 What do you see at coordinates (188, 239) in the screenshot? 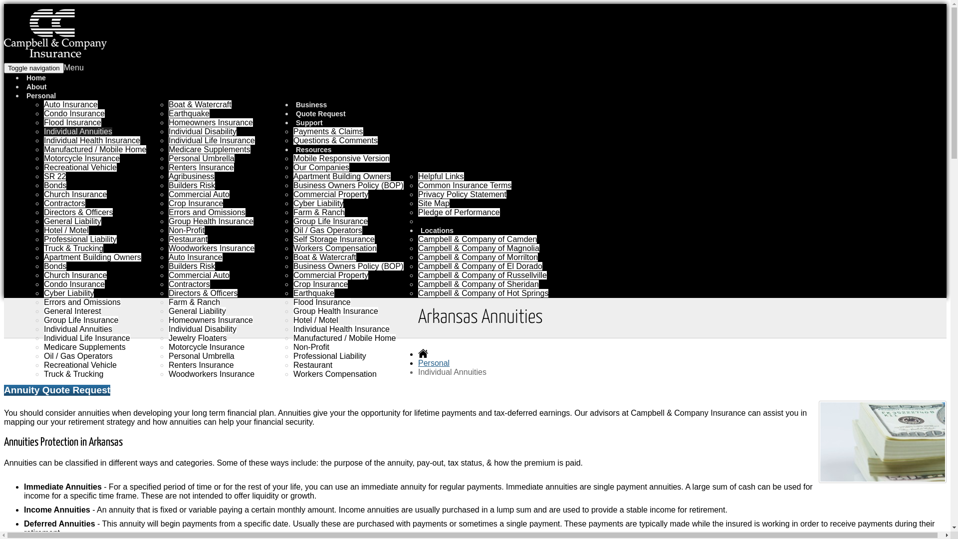
I see `'Restaurant'` at bounding box center [188, 239].